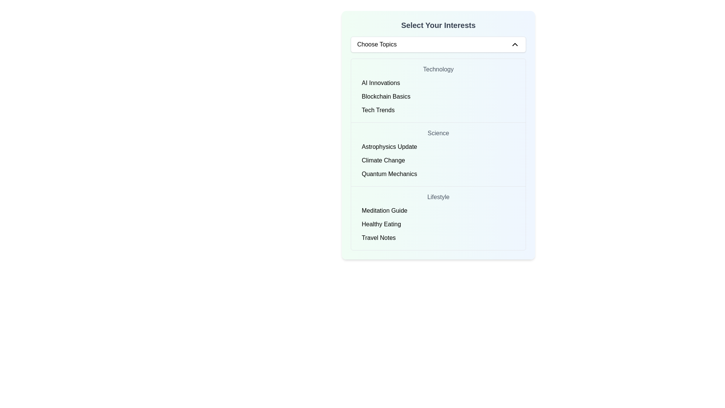 The height and width of the screenshot is (408, 725). What do you see at coordinates (383, 160) in the screenshot?
I see `the 'Climate Change' text label, which is displayed in black font on a white background, located within the 'Science' category list` at bounding box center [383, 160].